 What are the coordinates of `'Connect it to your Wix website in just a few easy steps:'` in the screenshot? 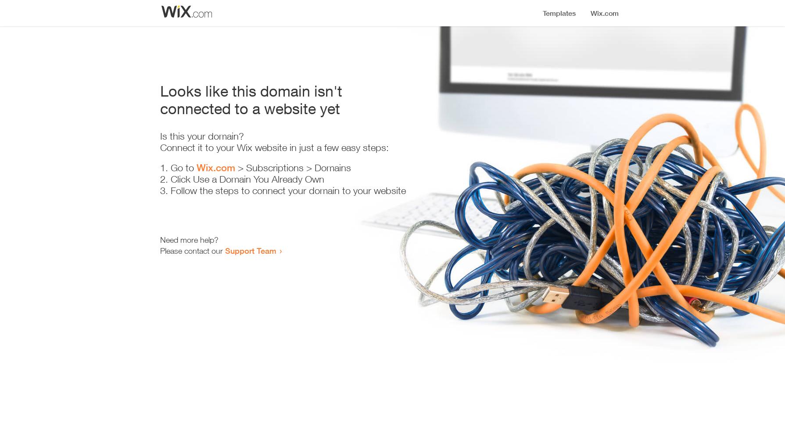 It's located at (274, 147).